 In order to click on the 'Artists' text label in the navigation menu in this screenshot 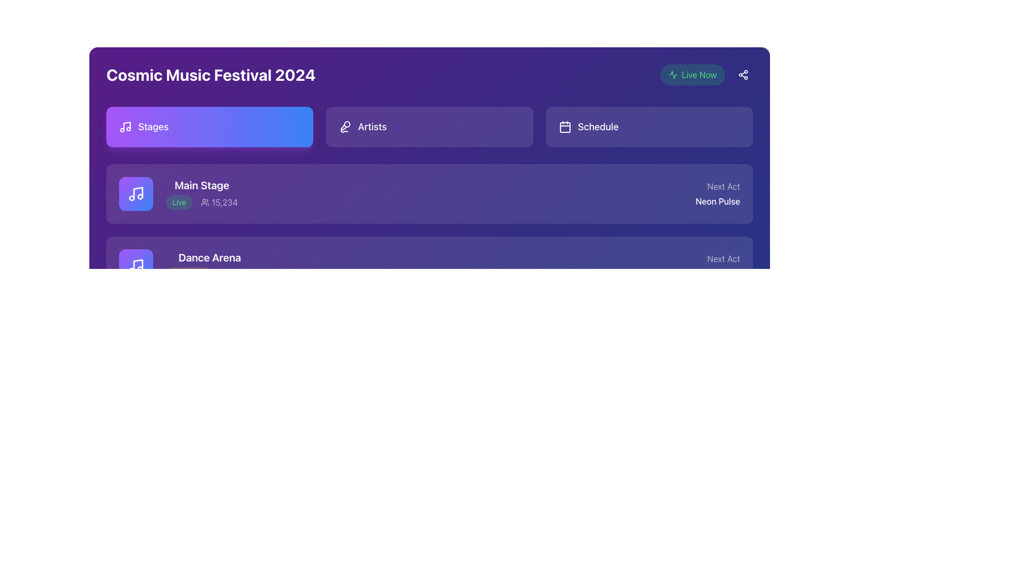, I will do `click(372, 126)`.